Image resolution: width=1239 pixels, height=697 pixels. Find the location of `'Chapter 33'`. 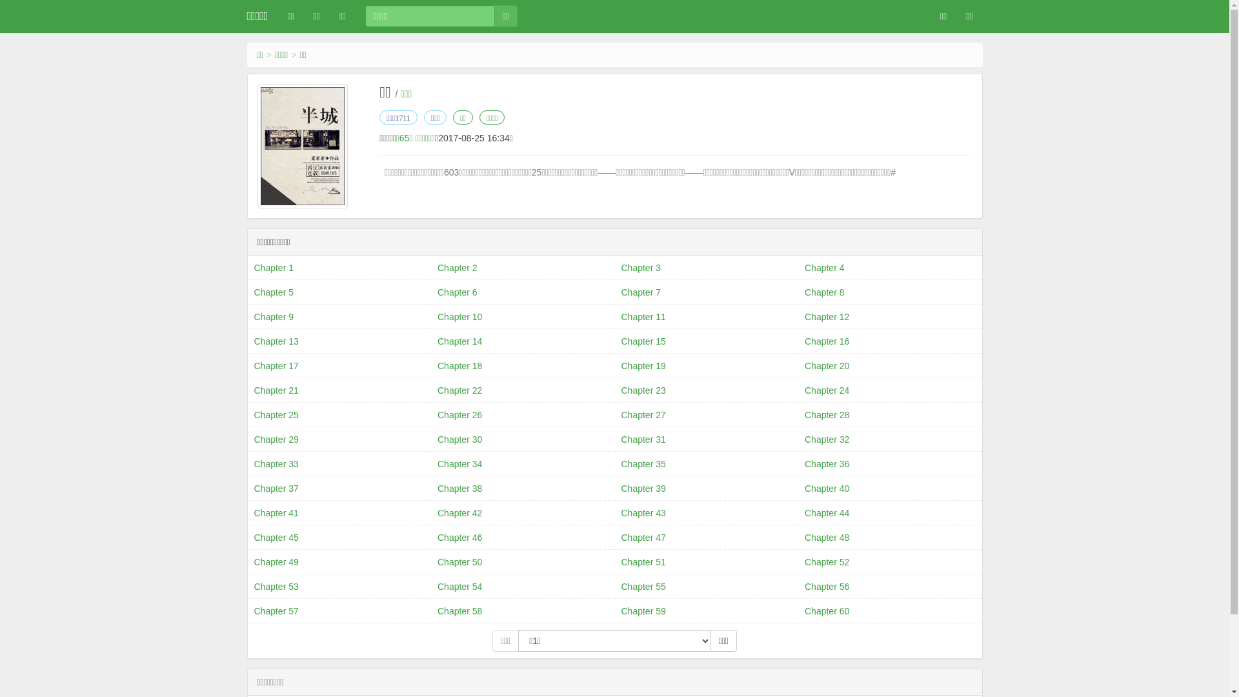

'Chapter 33' is located at coordinates (254, 463).